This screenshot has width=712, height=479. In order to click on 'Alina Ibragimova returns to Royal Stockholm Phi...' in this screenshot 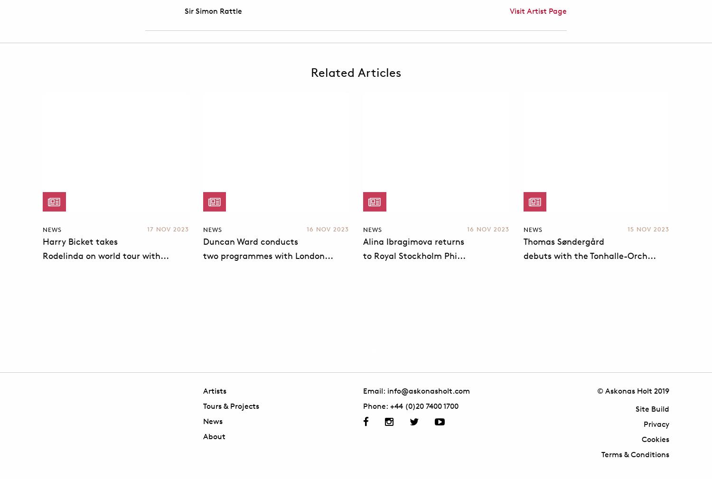, I will do `click(363, 248)`.